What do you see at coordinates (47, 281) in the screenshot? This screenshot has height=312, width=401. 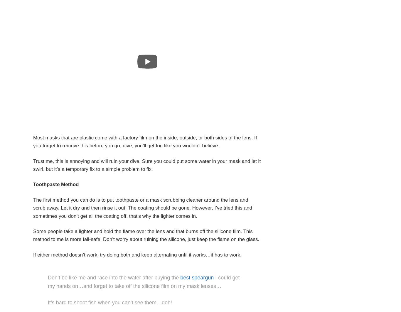 I see `'I could get my hands on…and forget to take off the silicone film on my mask lenses…'` at bounding box center [47, 281].